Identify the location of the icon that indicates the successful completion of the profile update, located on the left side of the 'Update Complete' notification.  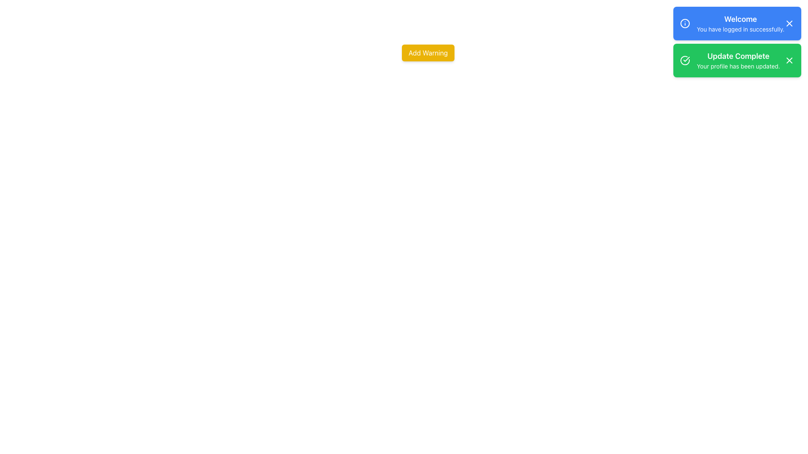
(685, 60).